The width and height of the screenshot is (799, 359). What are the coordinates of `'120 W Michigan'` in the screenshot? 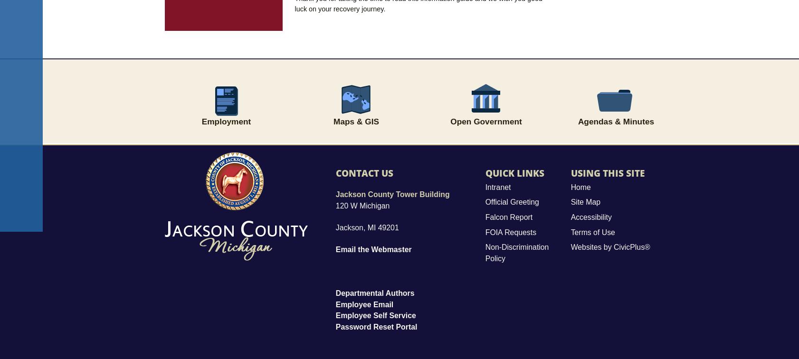 It's located at (335, 206).